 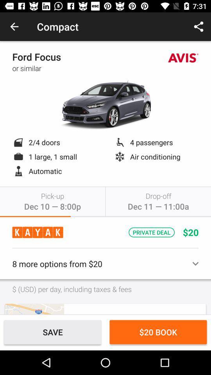 What do you see at coordinates (34, 309) in the screenshot?
I see `the item next to the pick up drop item` at bounding box center [34, 309].